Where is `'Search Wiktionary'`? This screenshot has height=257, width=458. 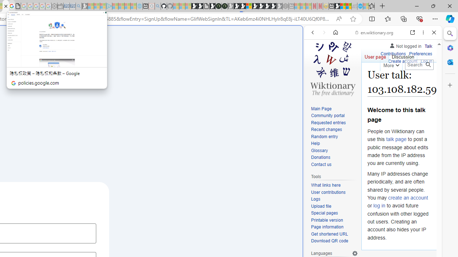
'Search Wiktionary' is located at coordinates (419, 65).